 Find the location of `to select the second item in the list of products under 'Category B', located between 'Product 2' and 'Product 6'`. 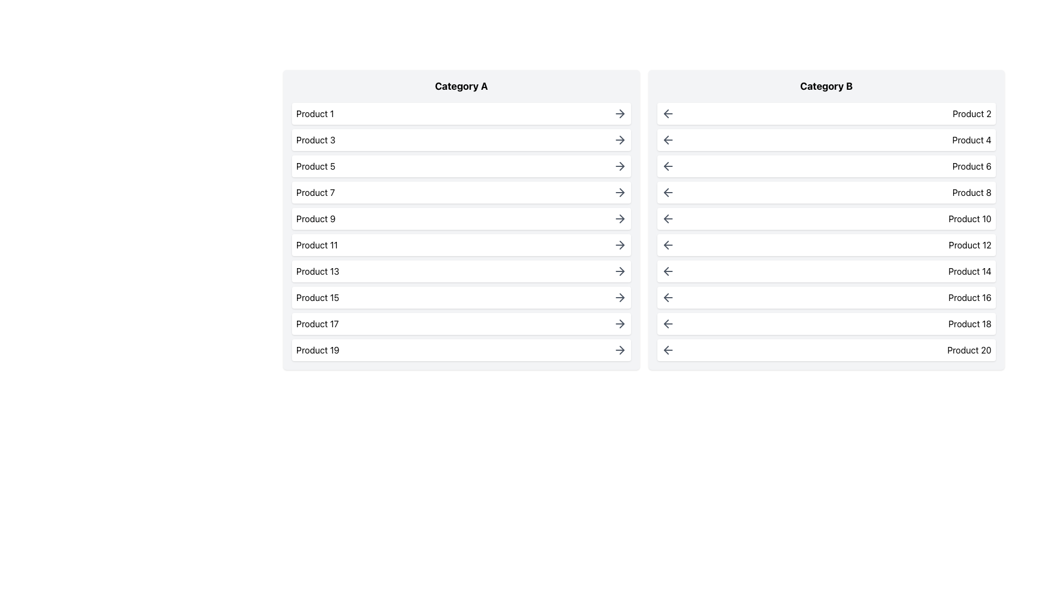

to select the second item in the list of products under 'Category B', located between 'Product 2' and 'Product 6' is located at coordinates (826, 139).